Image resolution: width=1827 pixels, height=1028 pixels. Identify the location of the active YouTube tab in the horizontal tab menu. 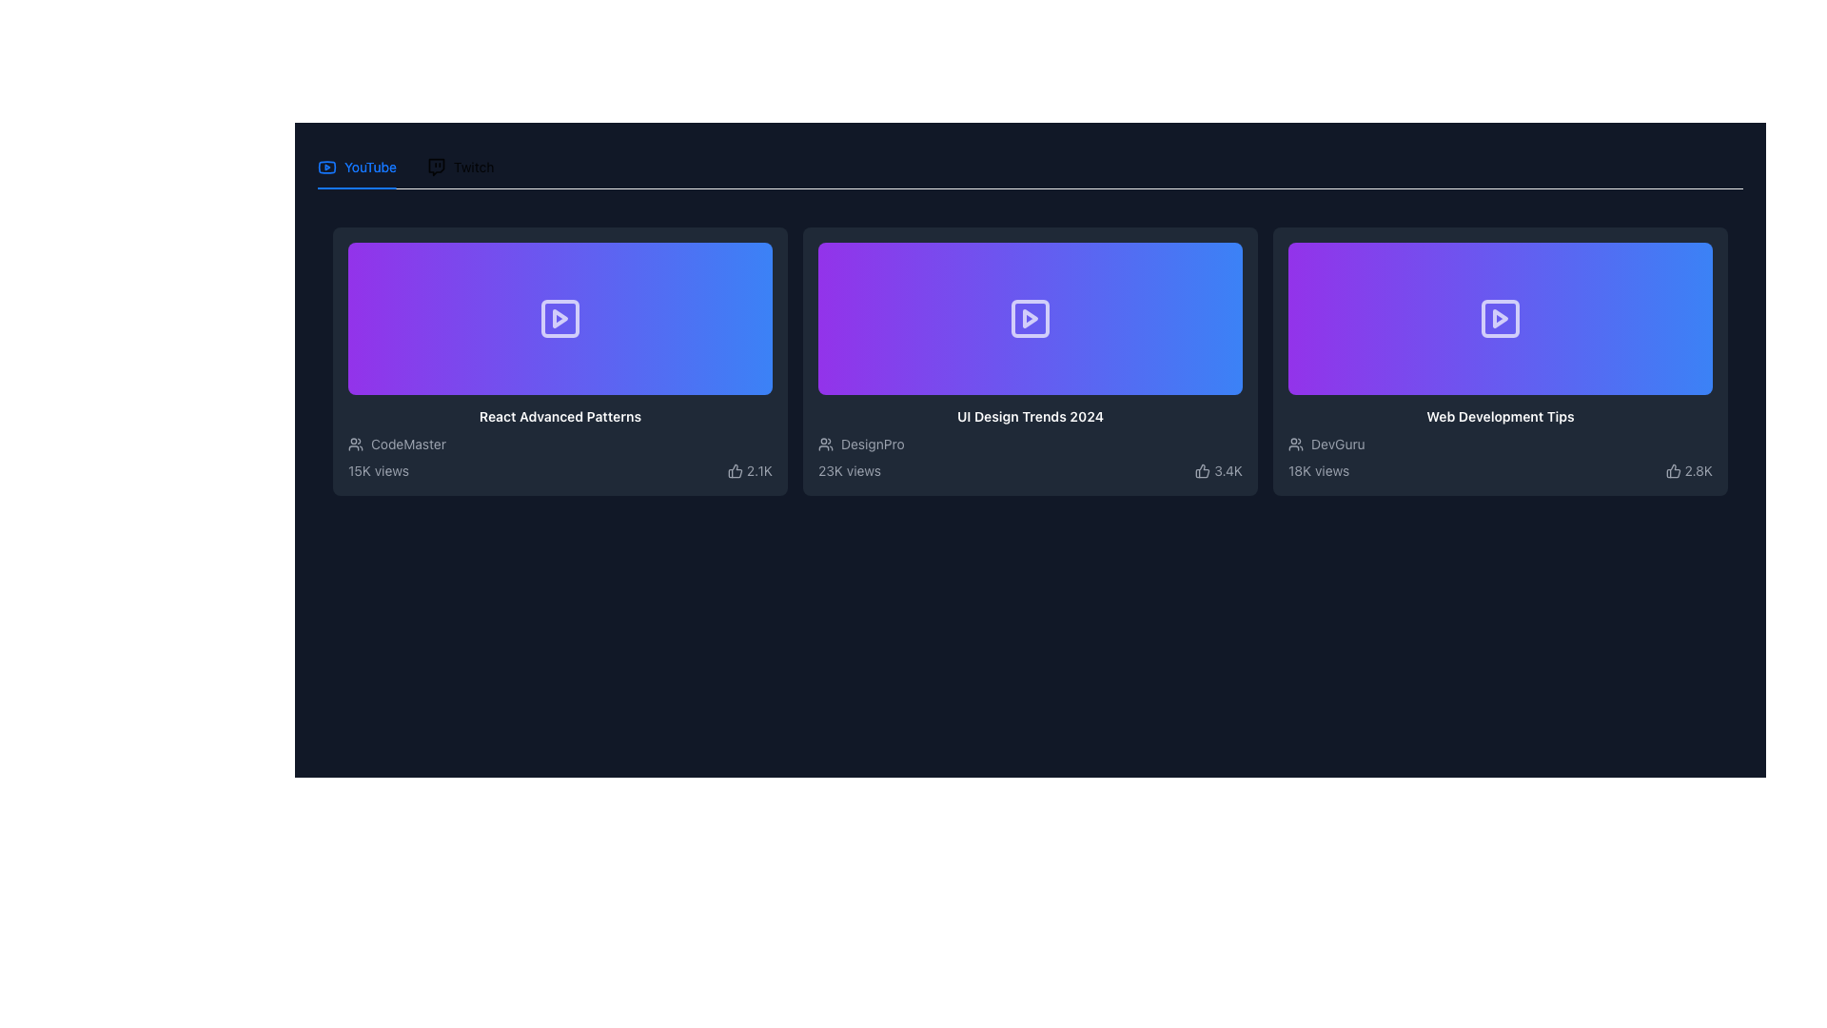
(357, 167).